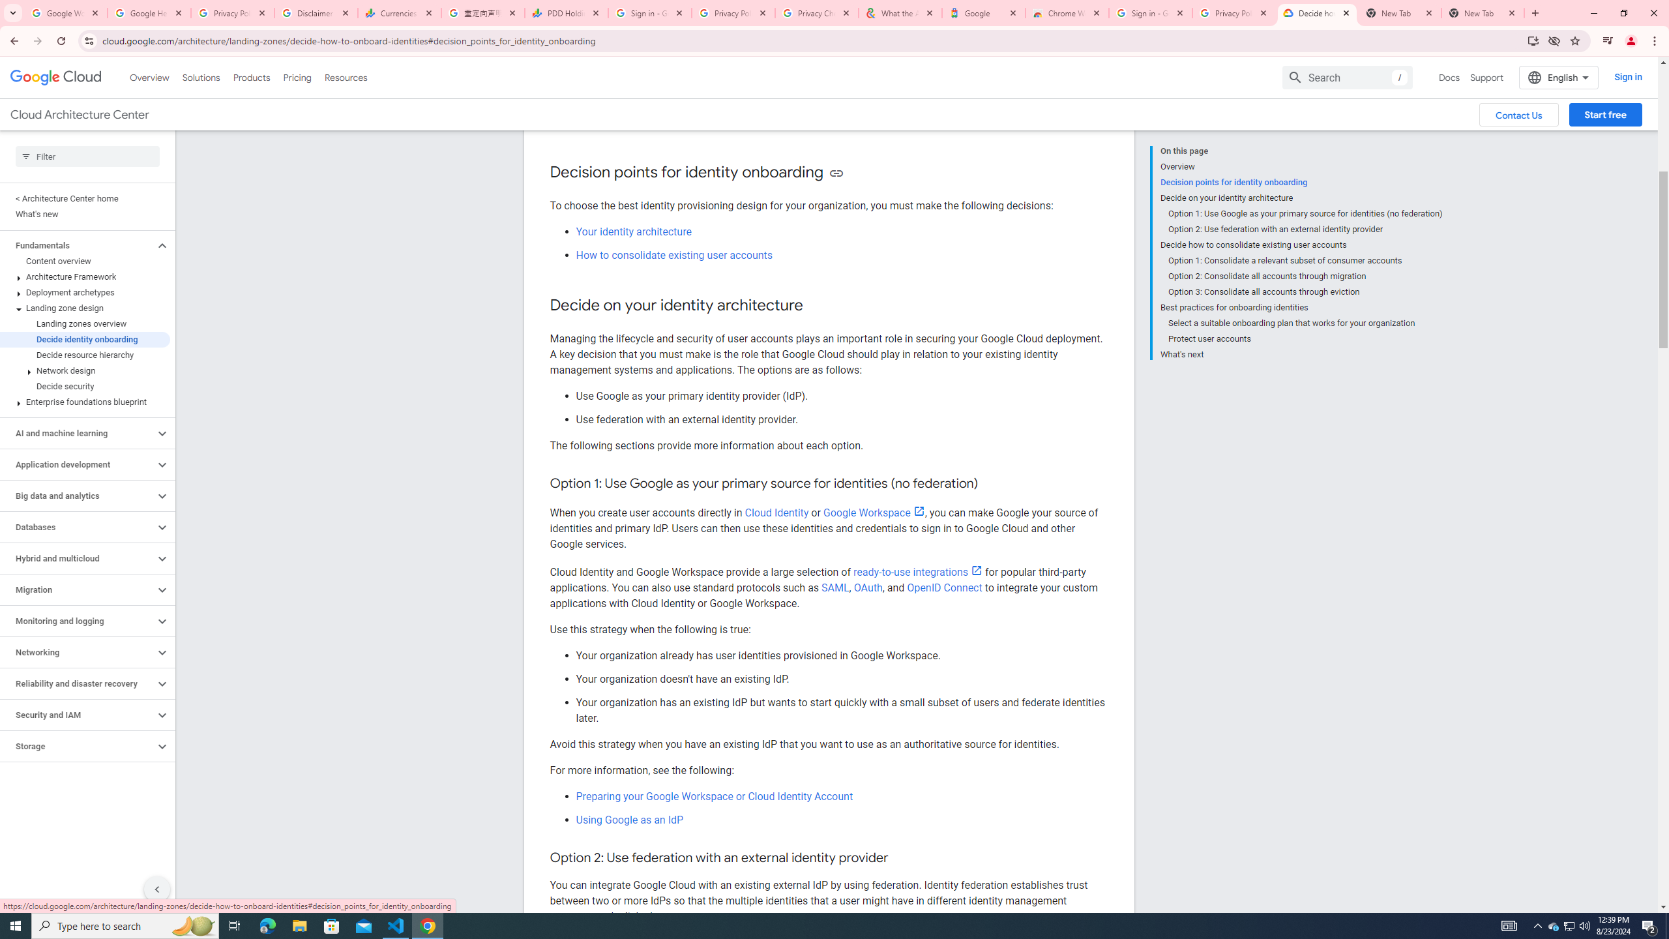 The image size is (1669, 939). Describe the element at coordinates (85, 339) in the screenshot. I see `'Decide identity onboarding'` at that location.